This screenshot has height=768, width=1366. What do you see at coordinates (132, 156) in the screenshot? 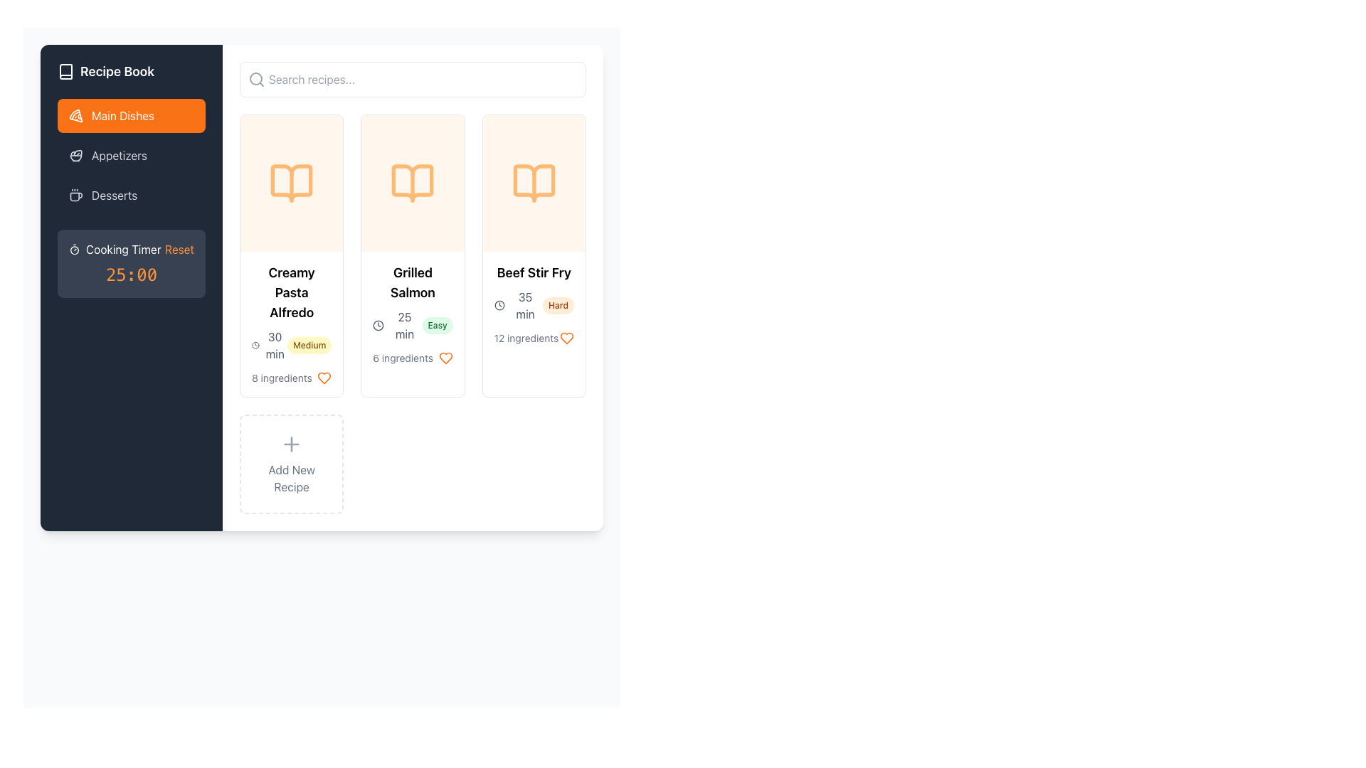
I see `the 'Appetizers' menu item, which is styled in lighter gray on a dark background and features a small salad bowl icon` at bounding box center [132, 156].